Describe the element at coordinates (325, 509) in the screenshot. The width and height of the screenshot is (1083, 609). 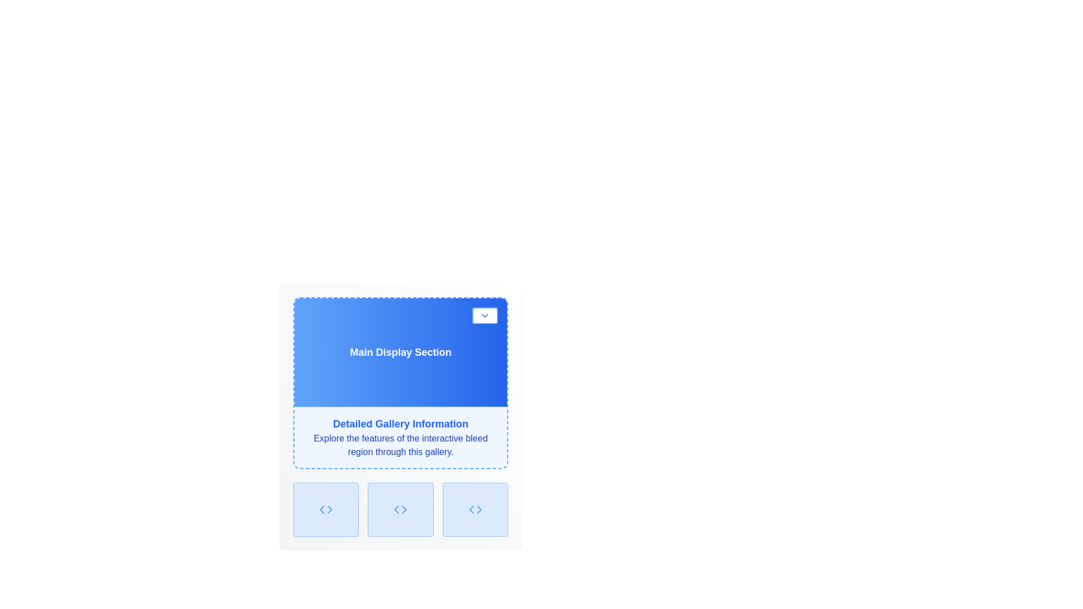
I see `the first button below the 'Detailed Gallery Information' section for keyboard interaction` at that location.